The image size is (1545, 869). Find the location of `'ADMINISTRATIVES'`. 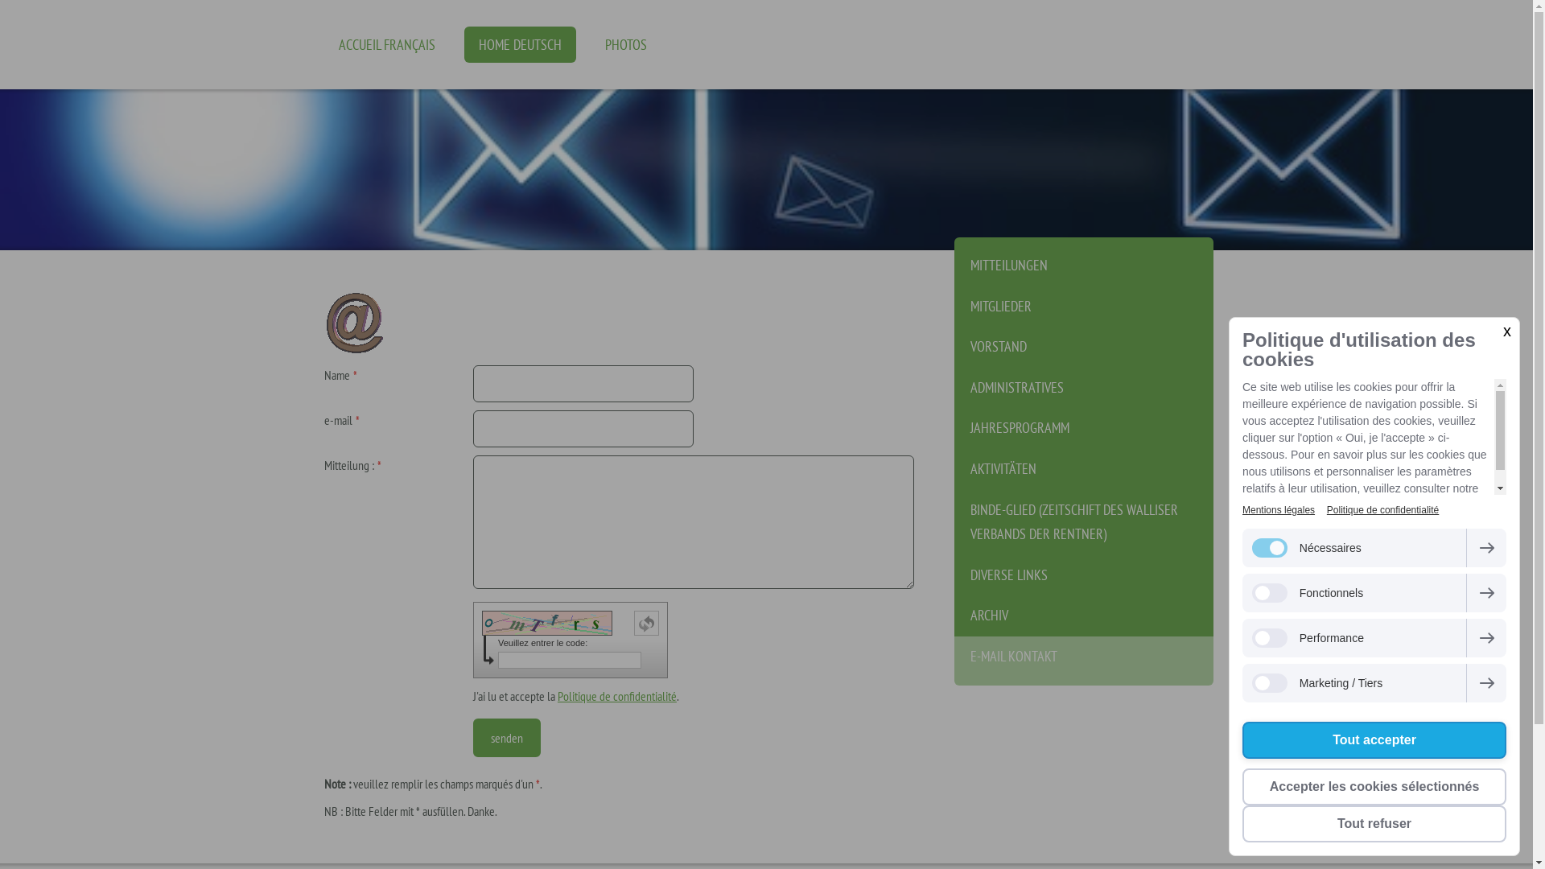

'ADMINISTRATIVES' is located at coordinates (1084, 388).